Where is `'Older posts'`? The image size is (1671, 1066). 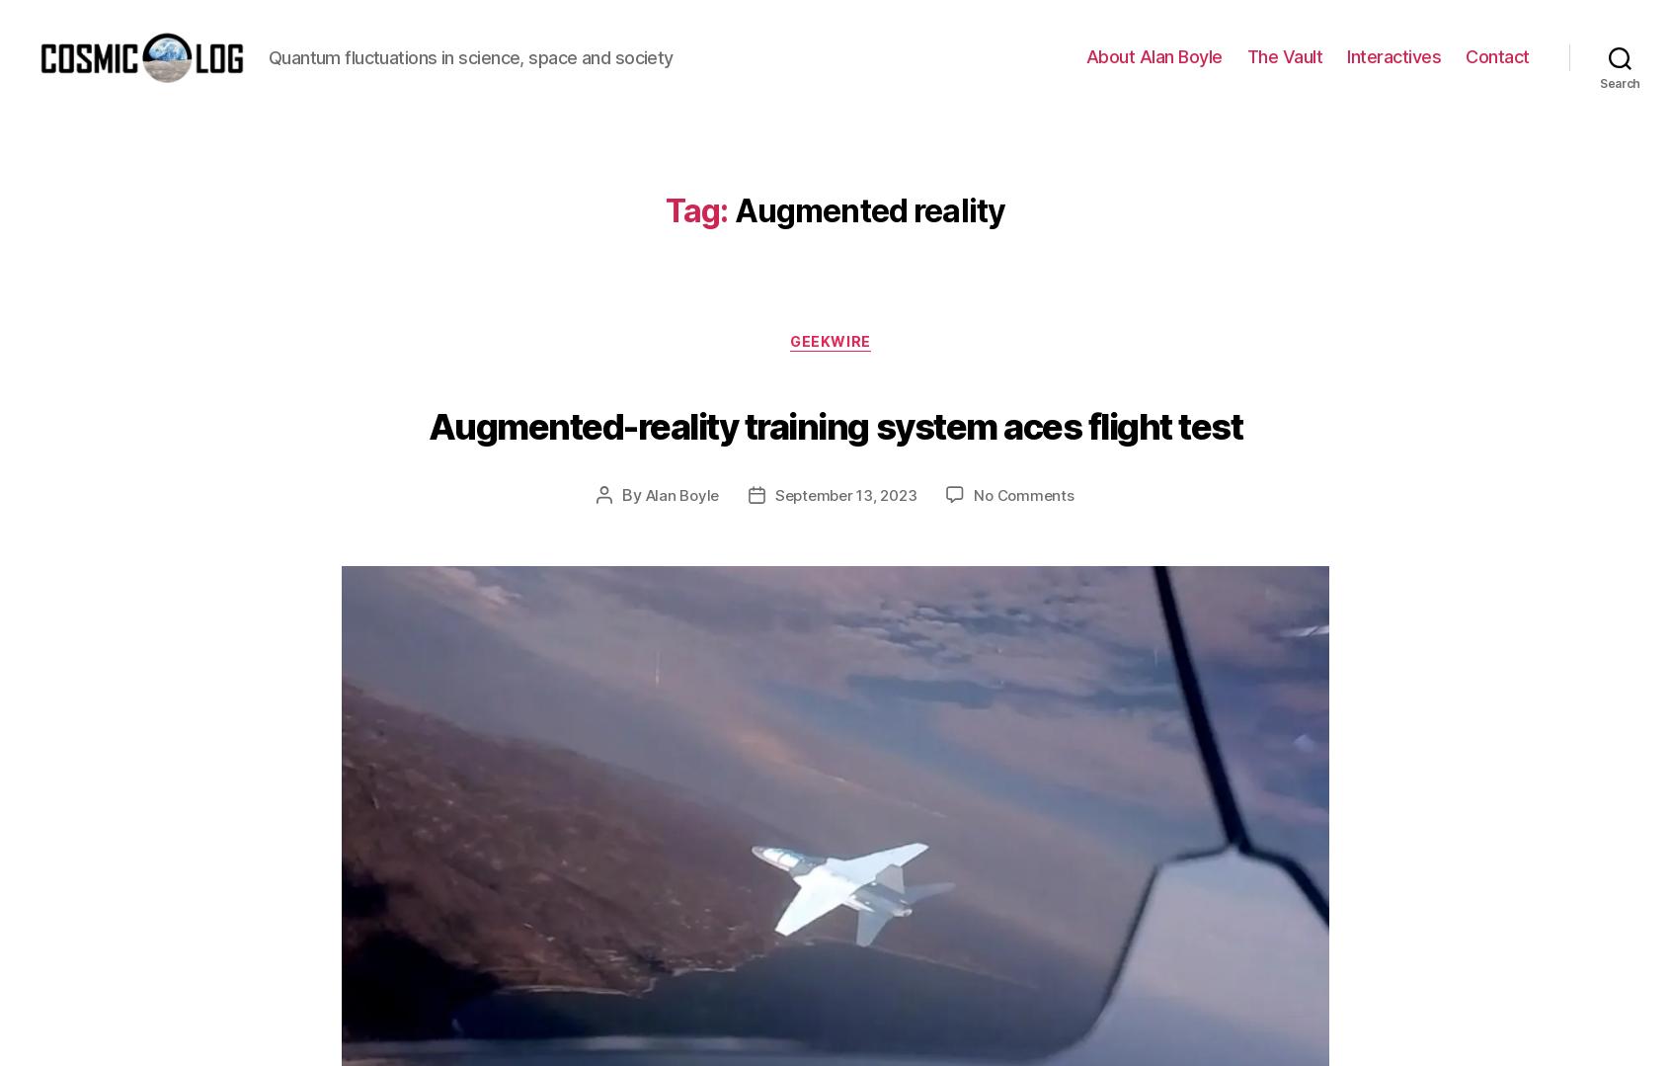 'Older posts' is located at coordinates (835, 770).